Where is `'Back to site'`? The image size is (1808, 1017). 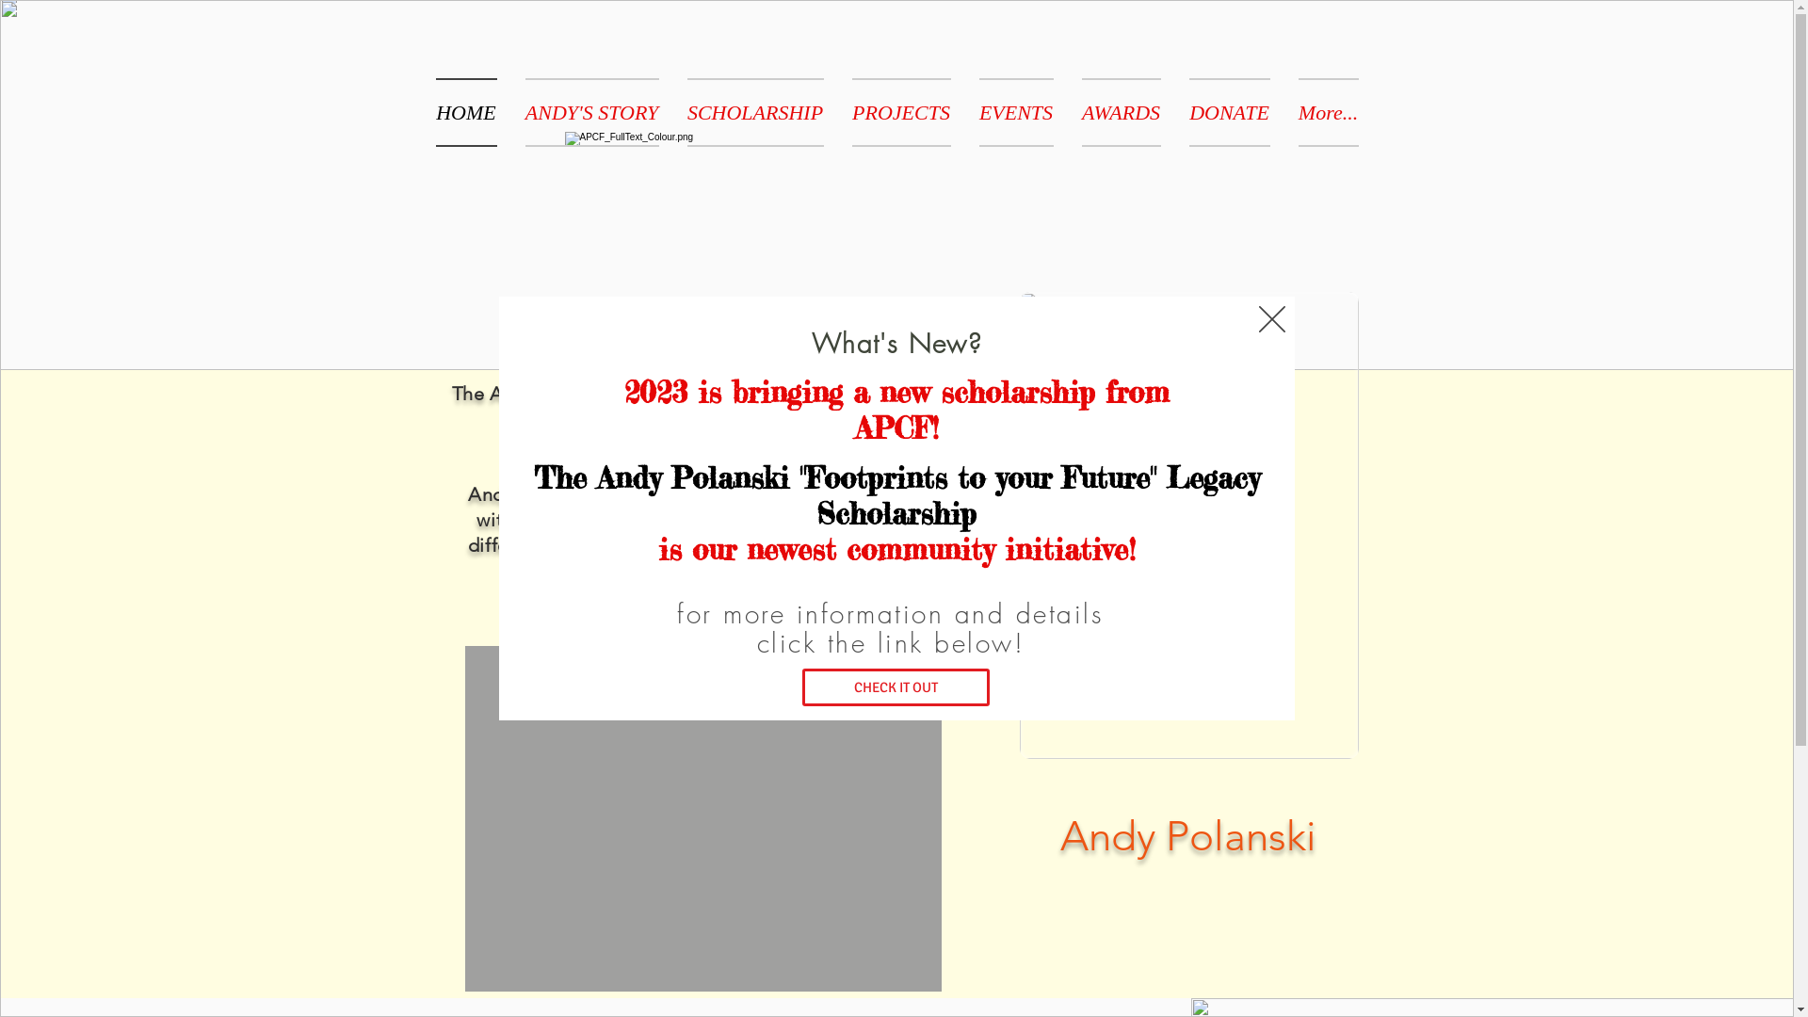
'Back to site' is located at coordinates (1257, 318).